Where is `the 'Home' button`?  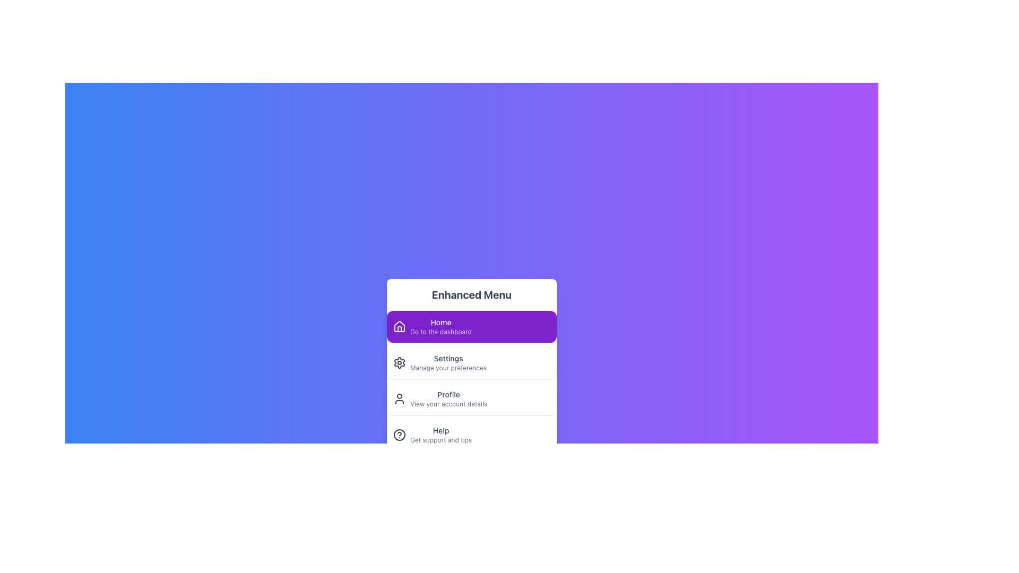 the 'Home' button is located at coordinates (471, 326).